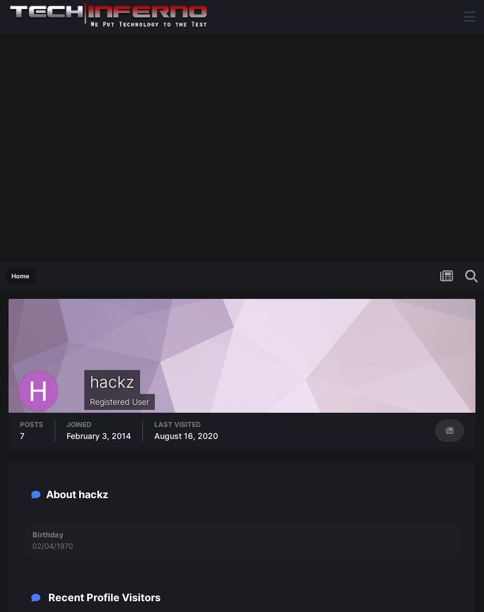 Image resolution: width=484 pixels, height=612 pixels. What do you see at coordinates (19, 436) in the screenshot?
I see `'7'` at bounding box center [19, 436].